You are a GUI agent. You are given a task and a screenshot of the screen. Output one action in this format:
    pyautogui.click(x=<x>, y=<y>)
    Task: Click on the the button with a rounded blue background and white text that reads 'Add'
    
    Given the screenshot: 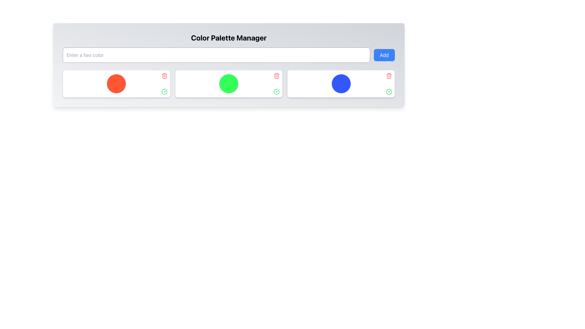 What is the action you would take?
    pyautogui.click(x=384, y=55)
    